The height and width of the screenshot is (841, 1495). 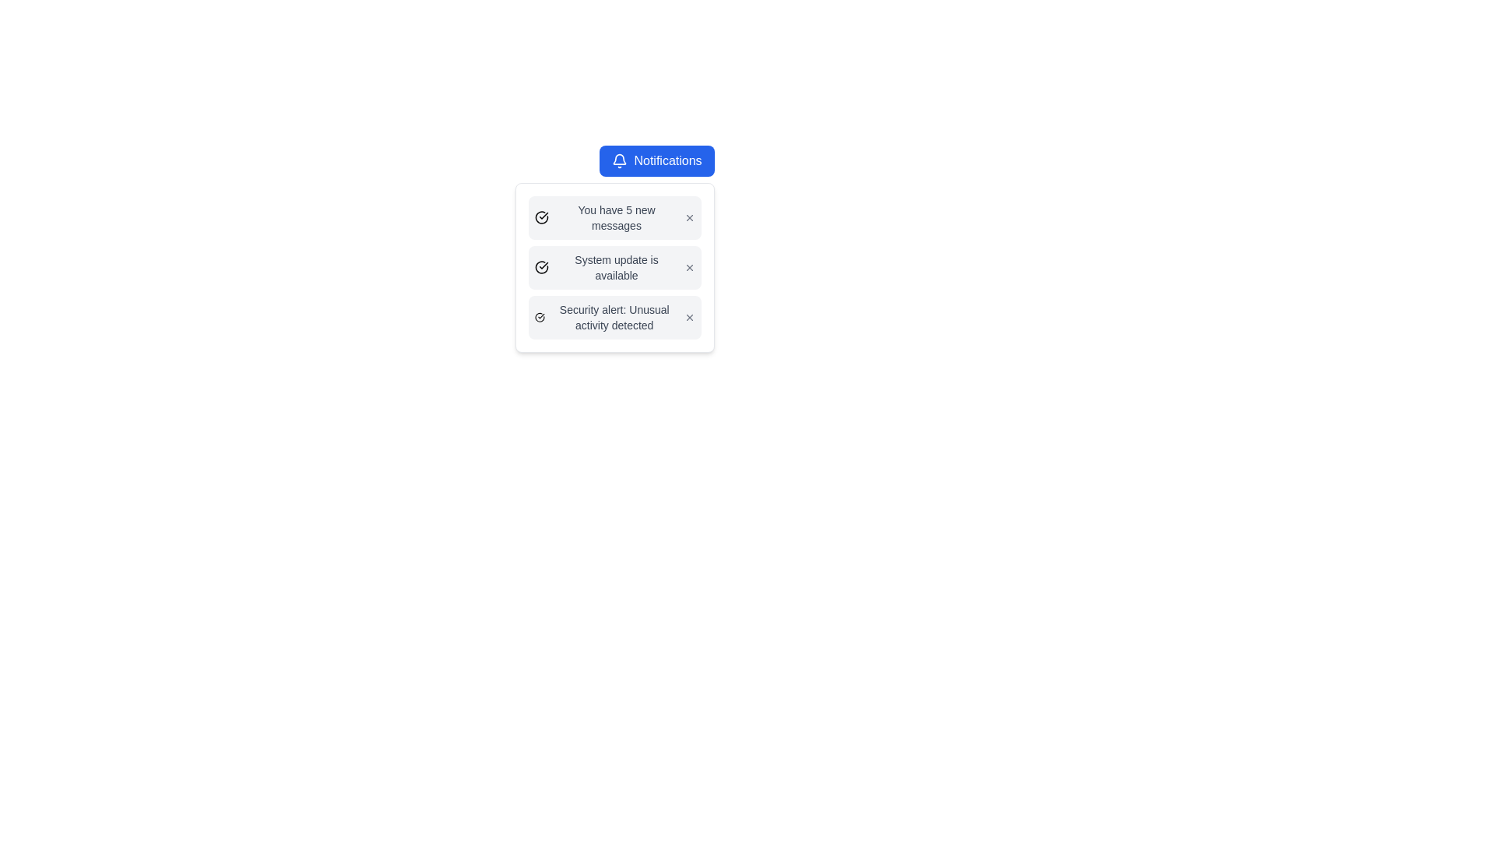 What do you see at coordinates (688, 218) in the screenshot?
I see `the small interactive 'X' button on the right side of the notification message that displays 'You have 5 new messages' to change its color to red` at bounding box center [688, 218].